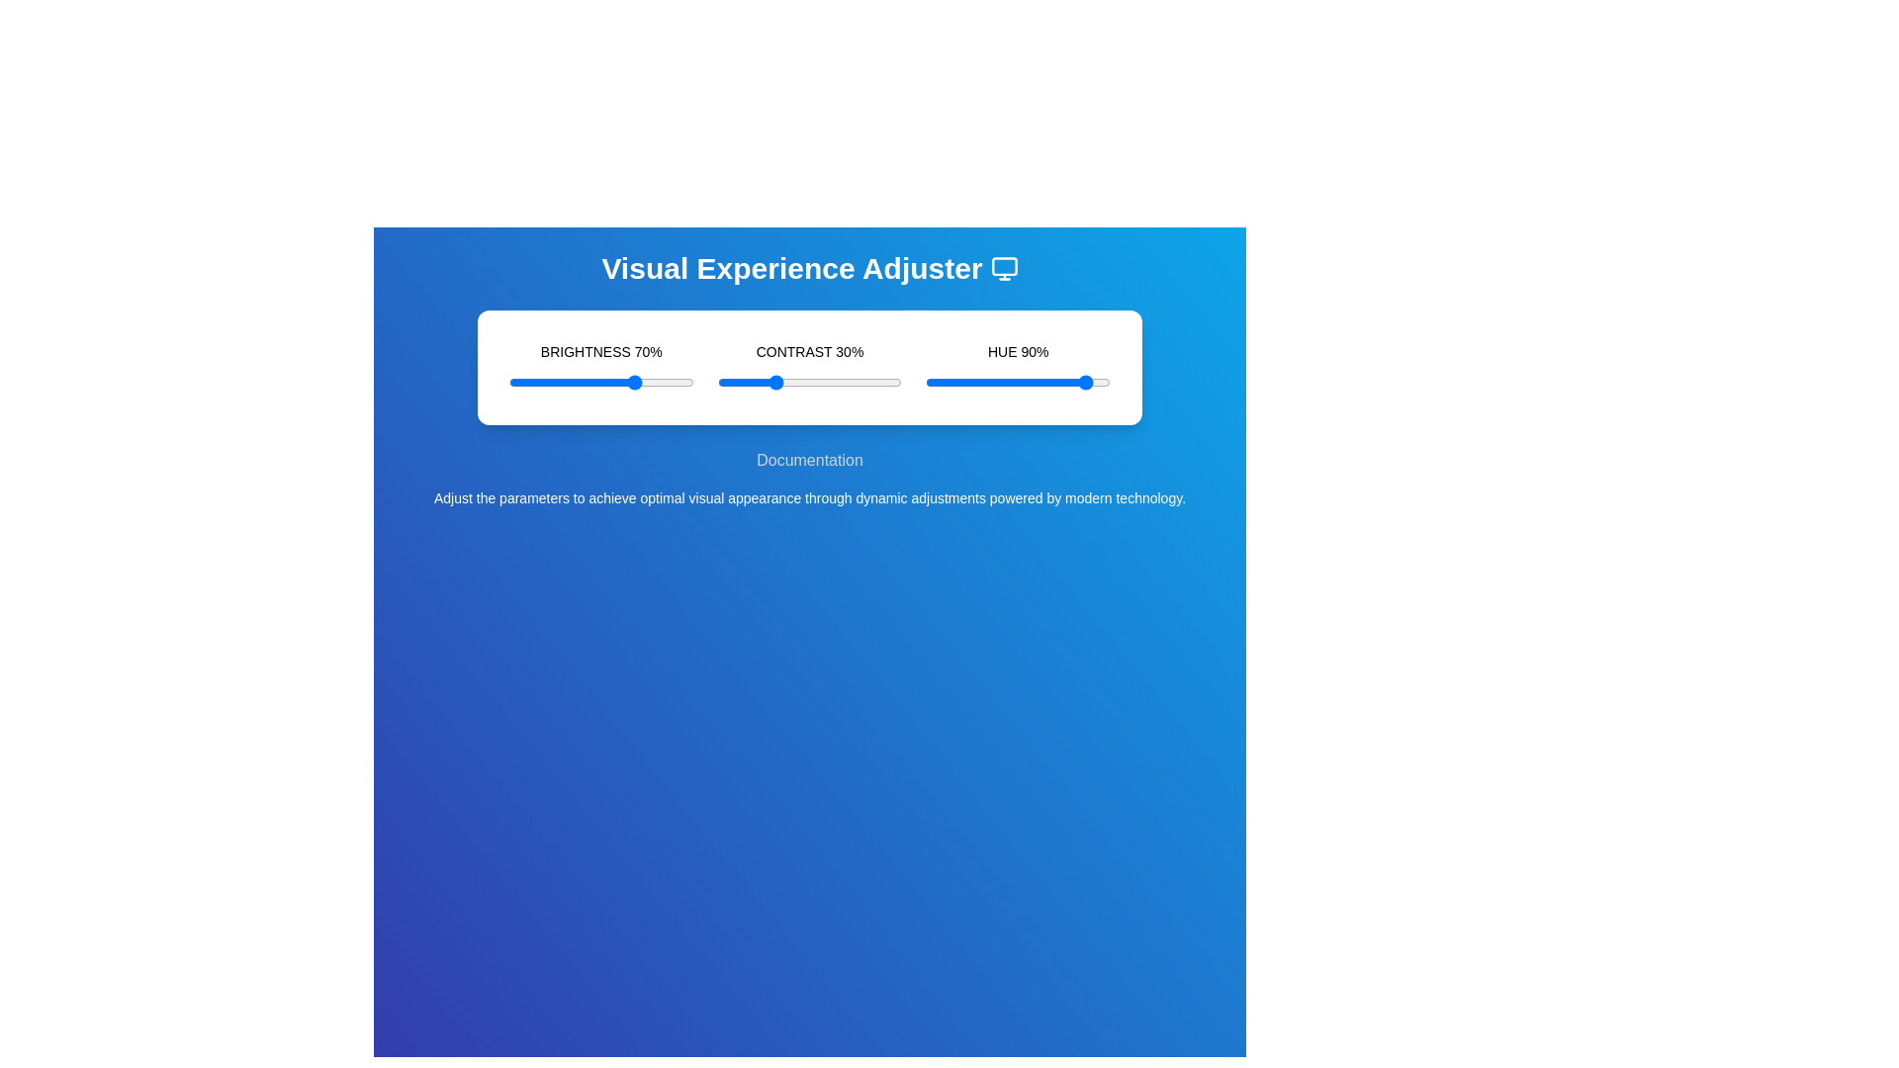 The width and height of the screenshot is (1899, 1068). I want to click on the contrast slider to set the contrast level to 72, so click(850, 382).